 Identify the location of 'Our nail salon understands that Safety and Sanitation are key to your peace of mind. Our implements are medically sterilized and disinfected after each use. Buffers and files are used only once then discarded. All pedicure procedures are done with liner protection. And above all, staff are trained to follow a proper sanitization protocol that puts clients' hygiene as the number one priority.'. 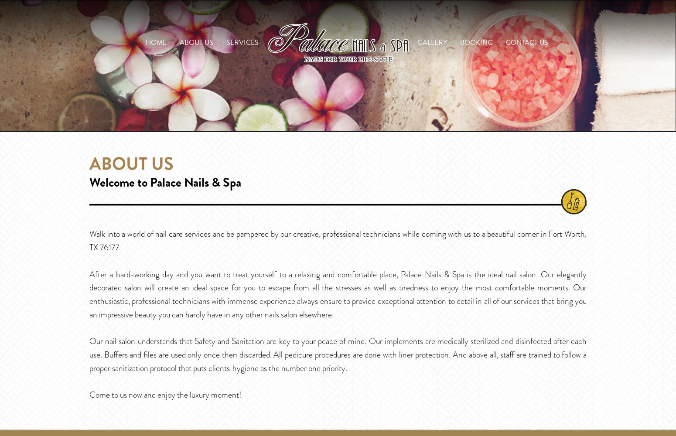
(338, 354).